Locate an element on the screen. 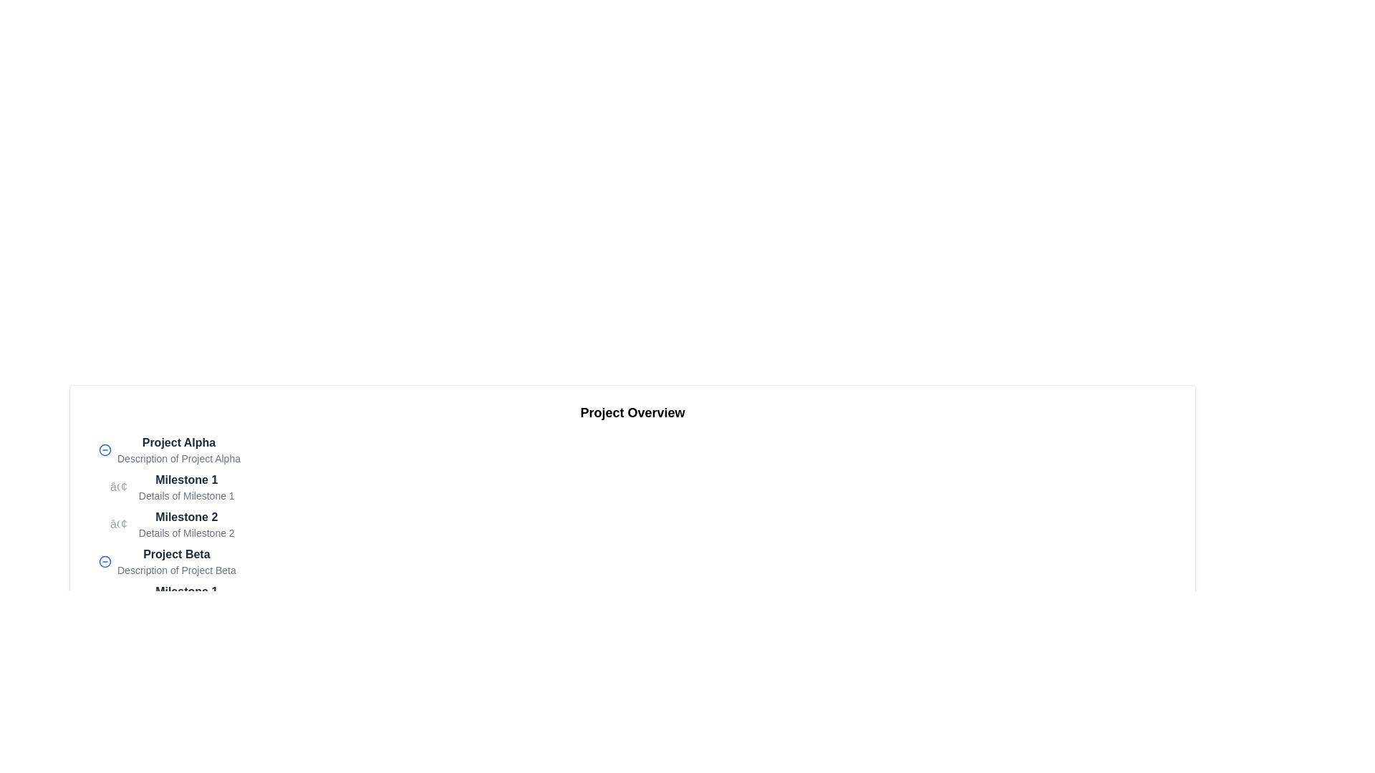 The image size is (1375, 773). the static text element that serves as a header for 'Milestone 1' located under the 'Project Alpha' section is located at coordinates (185, 480).